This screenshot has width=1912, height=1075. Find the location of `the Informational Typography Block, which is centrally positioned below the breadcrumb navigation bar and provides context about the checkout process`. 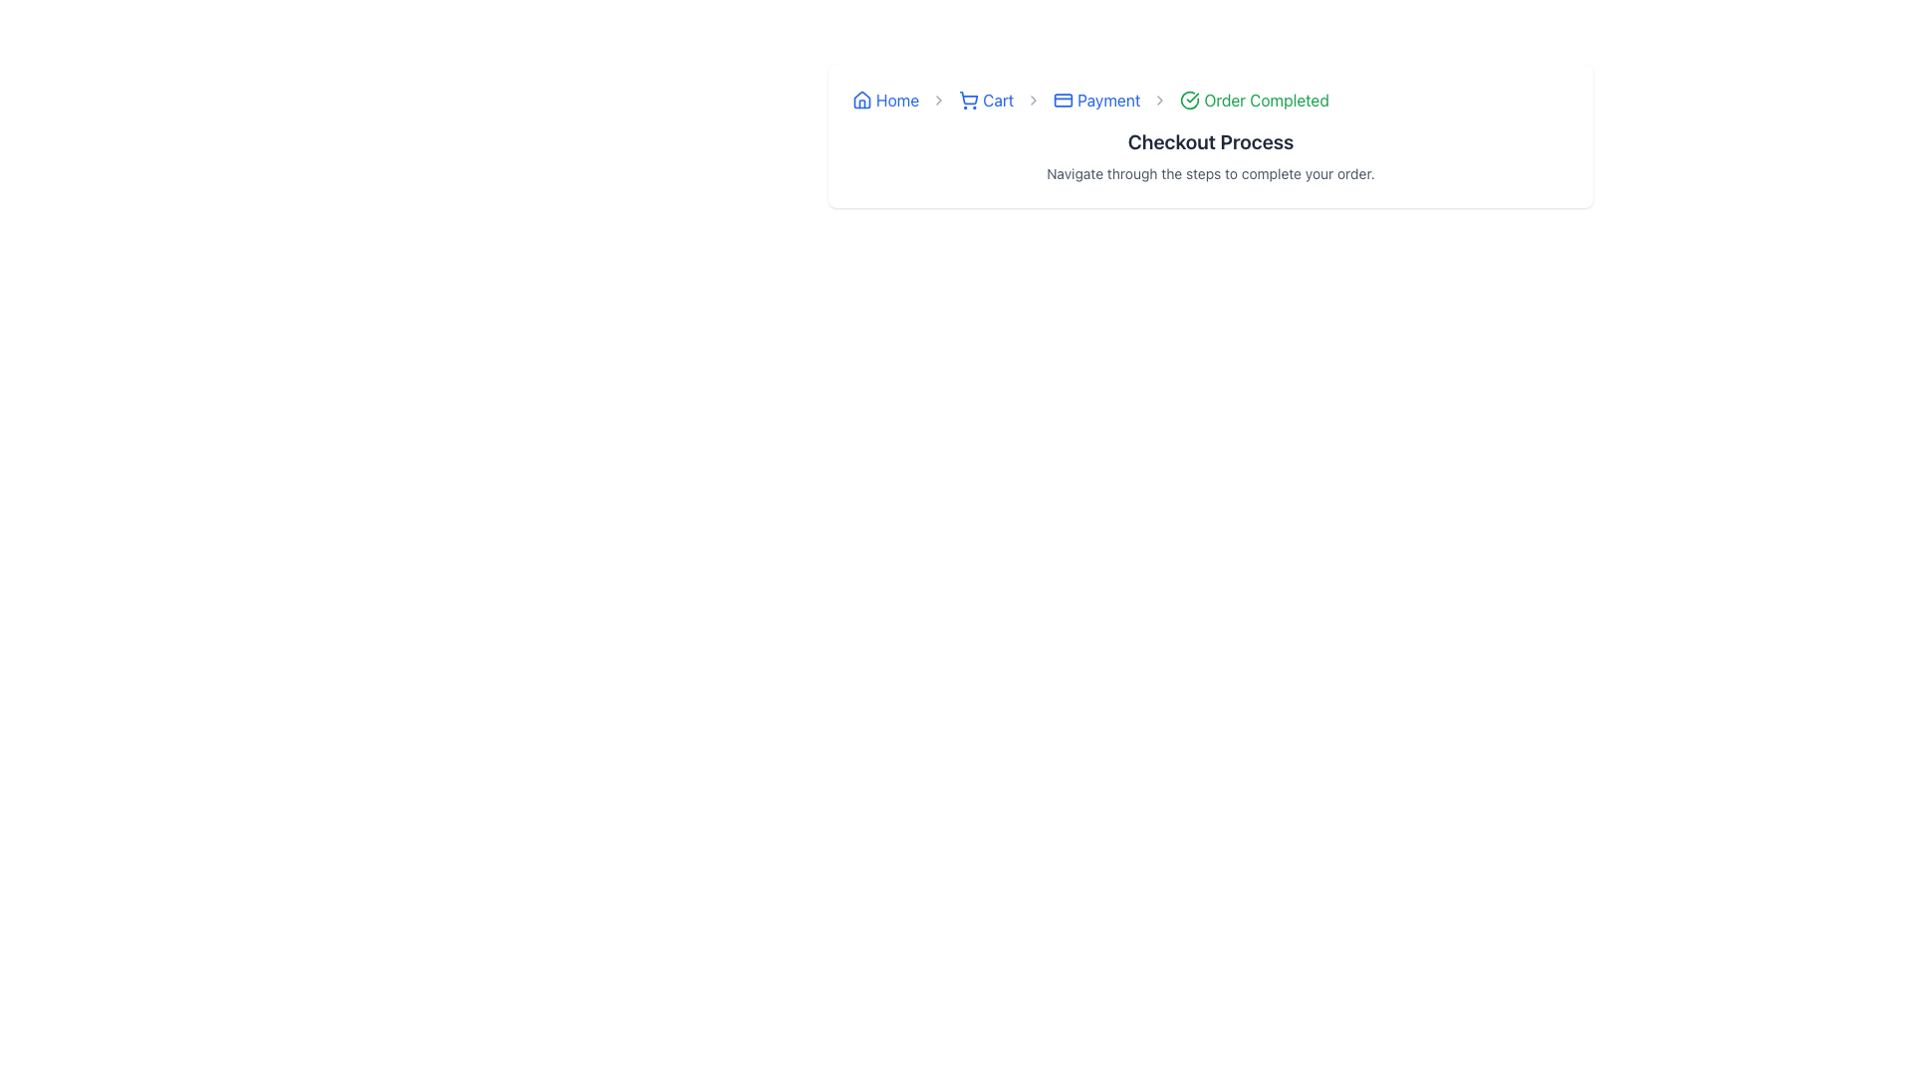

the Informational Typography Block, which is centrally positioned below the breadcrumb navigation bar and provides context about the checkout process is located at coordinates (1209, 155).